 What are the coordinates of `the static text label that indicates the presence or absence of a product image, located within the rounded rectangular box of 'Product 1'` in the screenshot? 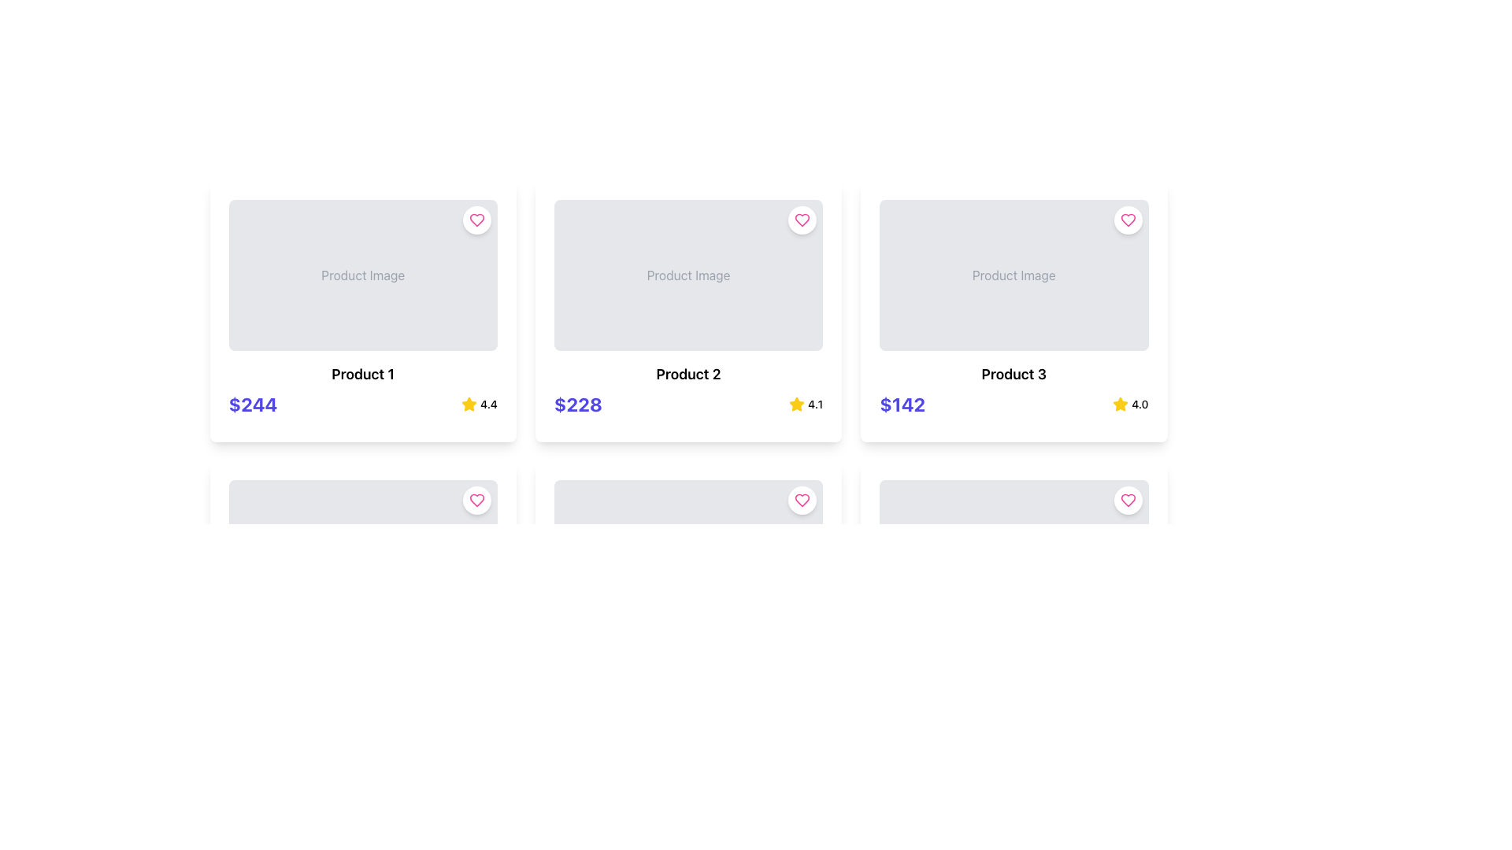 It's located at (362, 275).